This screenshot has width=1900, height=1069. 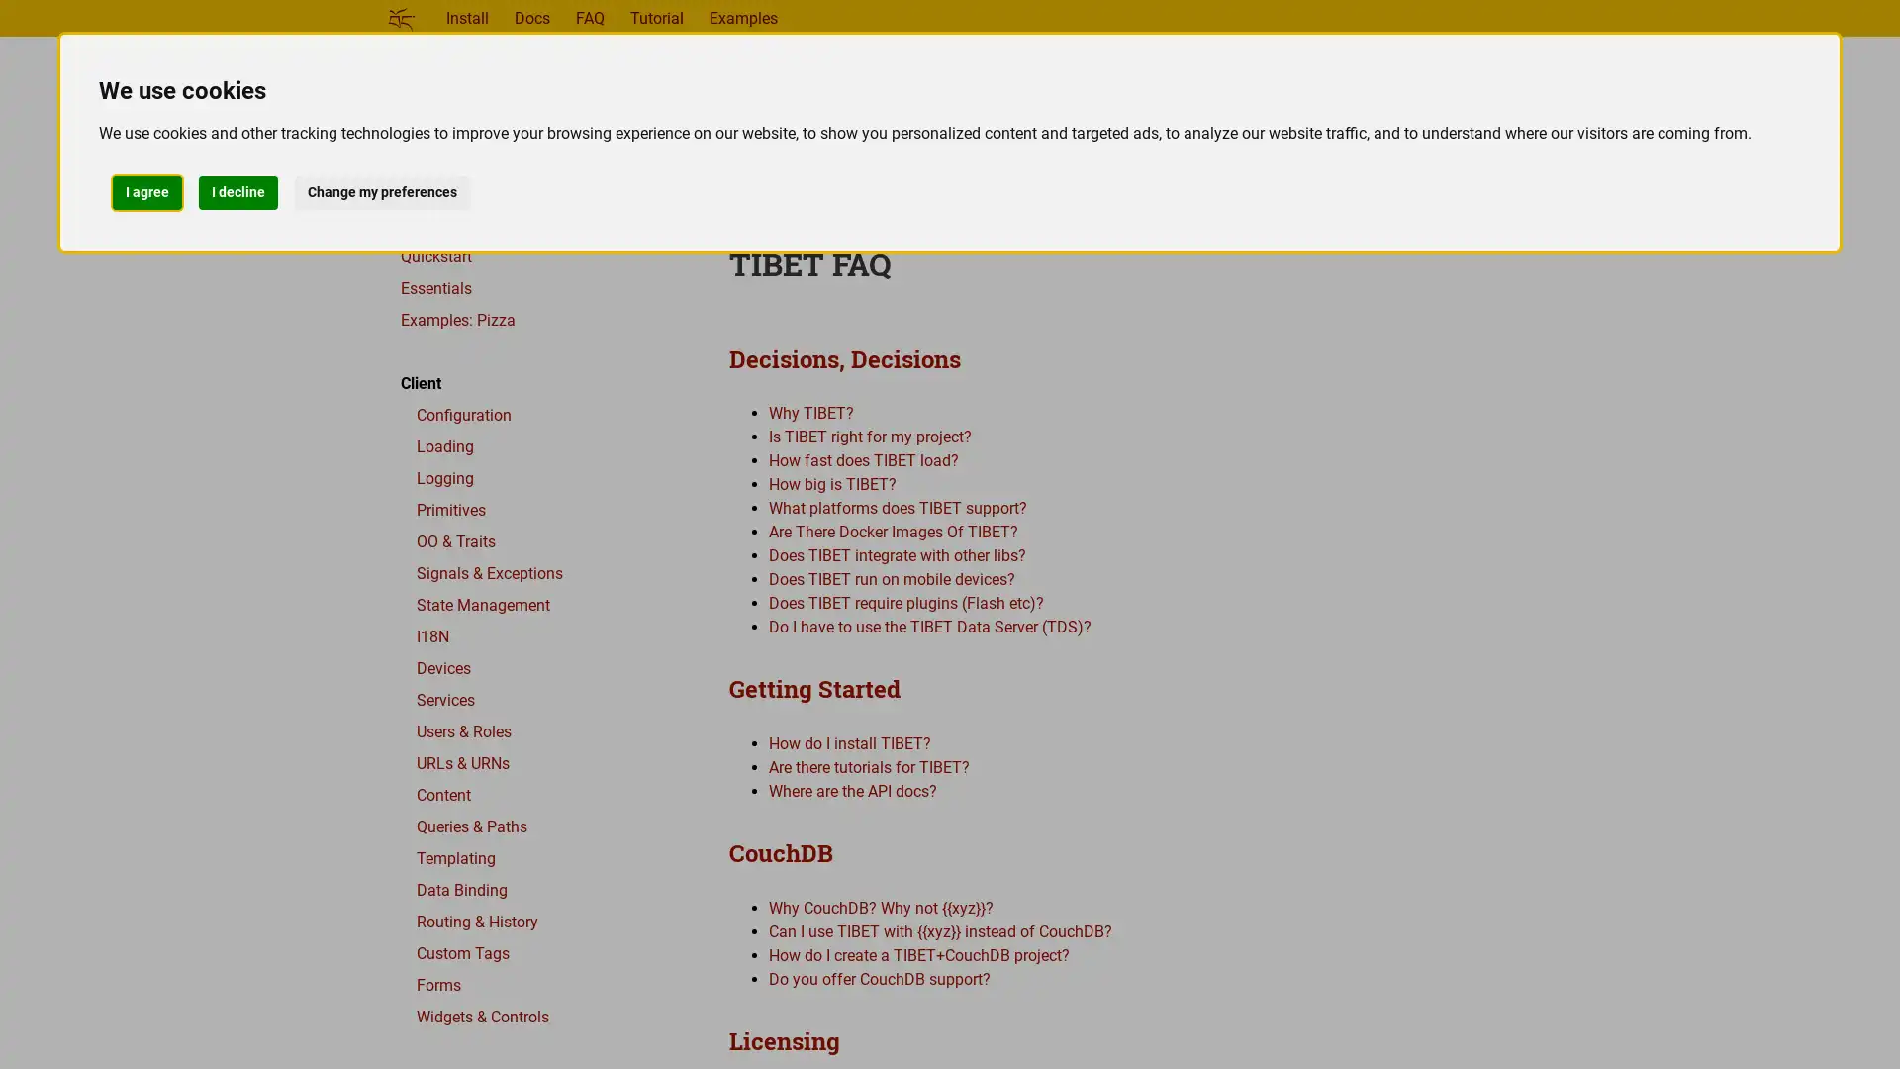 I want to click on I decline, so click(x=237, y=191).